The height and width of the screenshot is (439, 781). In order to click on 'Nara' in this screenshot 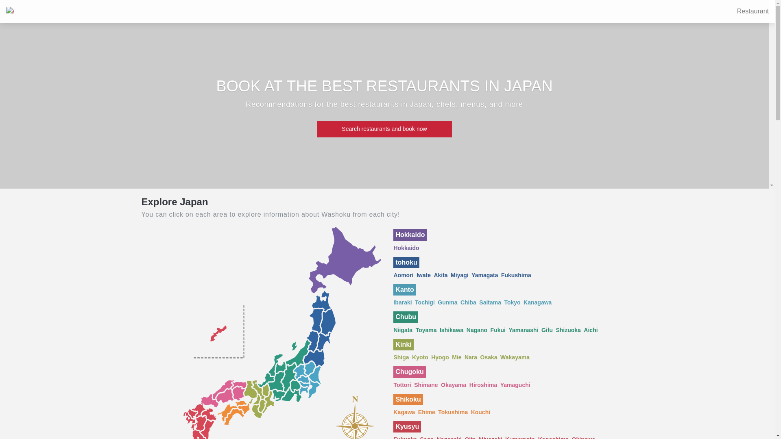, I will do `click(471, 357)`.